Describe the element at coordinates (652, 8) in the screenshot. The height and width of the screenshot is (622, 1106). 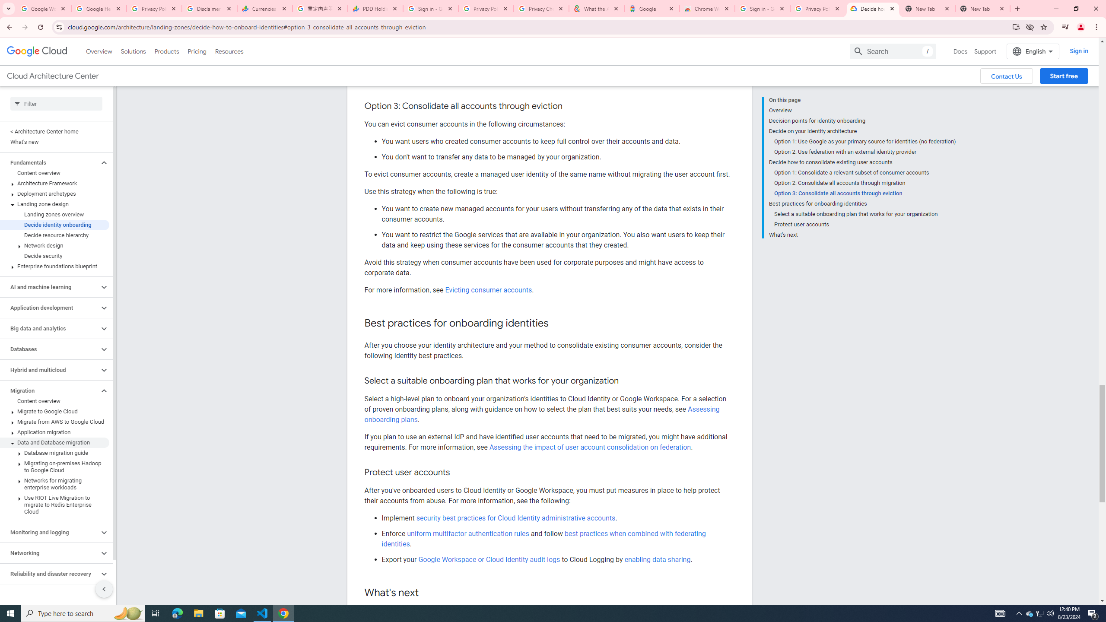
I see `'Google'` at that location.